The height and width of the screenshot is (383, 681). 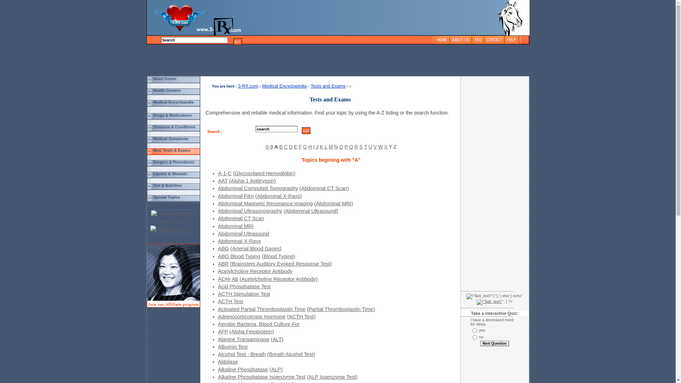 What do you see at coordinates (261, 309) in the screenshot?
I see `'Activated Partial Thromboplastin Time'` at bounding box center [261, 309].